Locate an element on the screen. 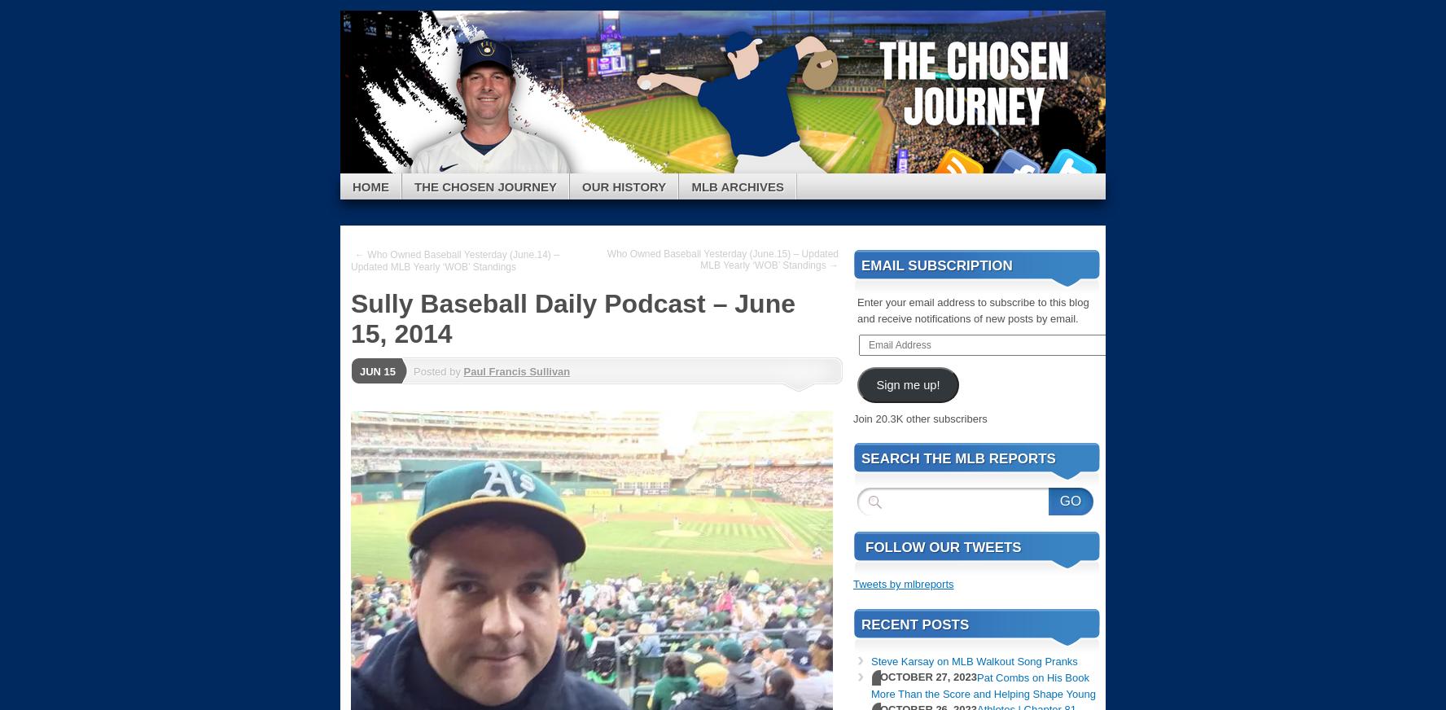  'The Chosen Journey' is located at coordinates (414, 185).